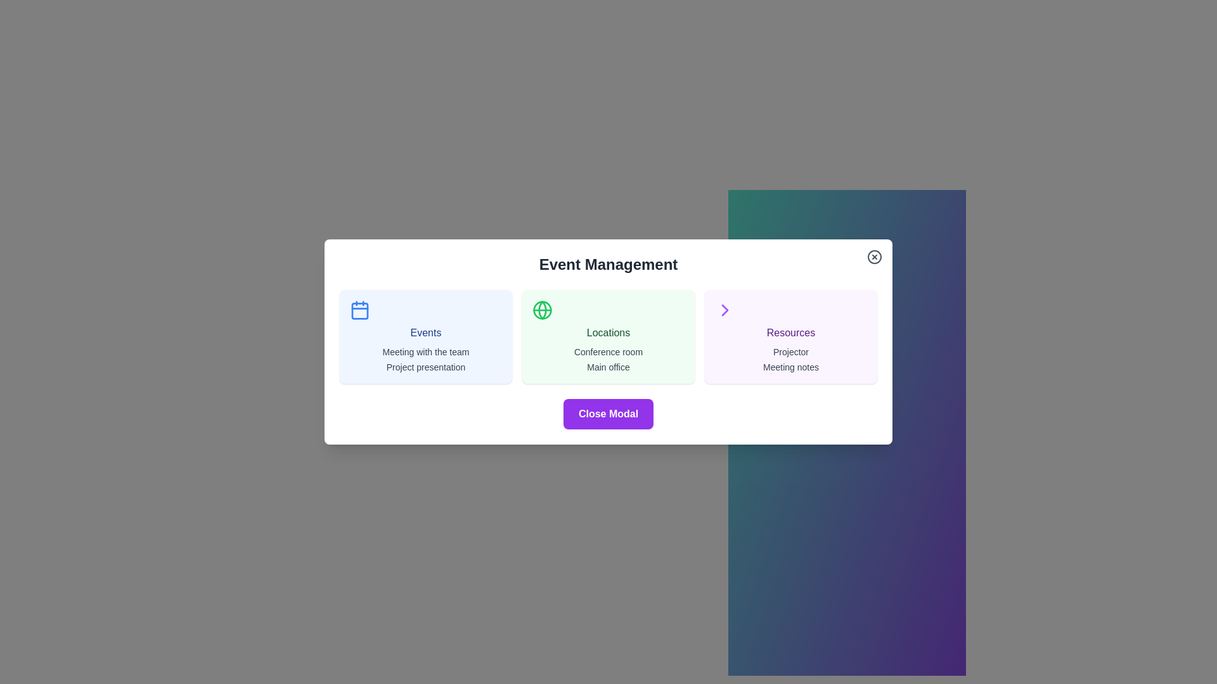  What do you see at coordinates (426, 351) in the screenshot?
I see `the text label that displays 'Meeting with the team', which is styled in gray and located in the 'Events' section` at bounding box center [426, 351].